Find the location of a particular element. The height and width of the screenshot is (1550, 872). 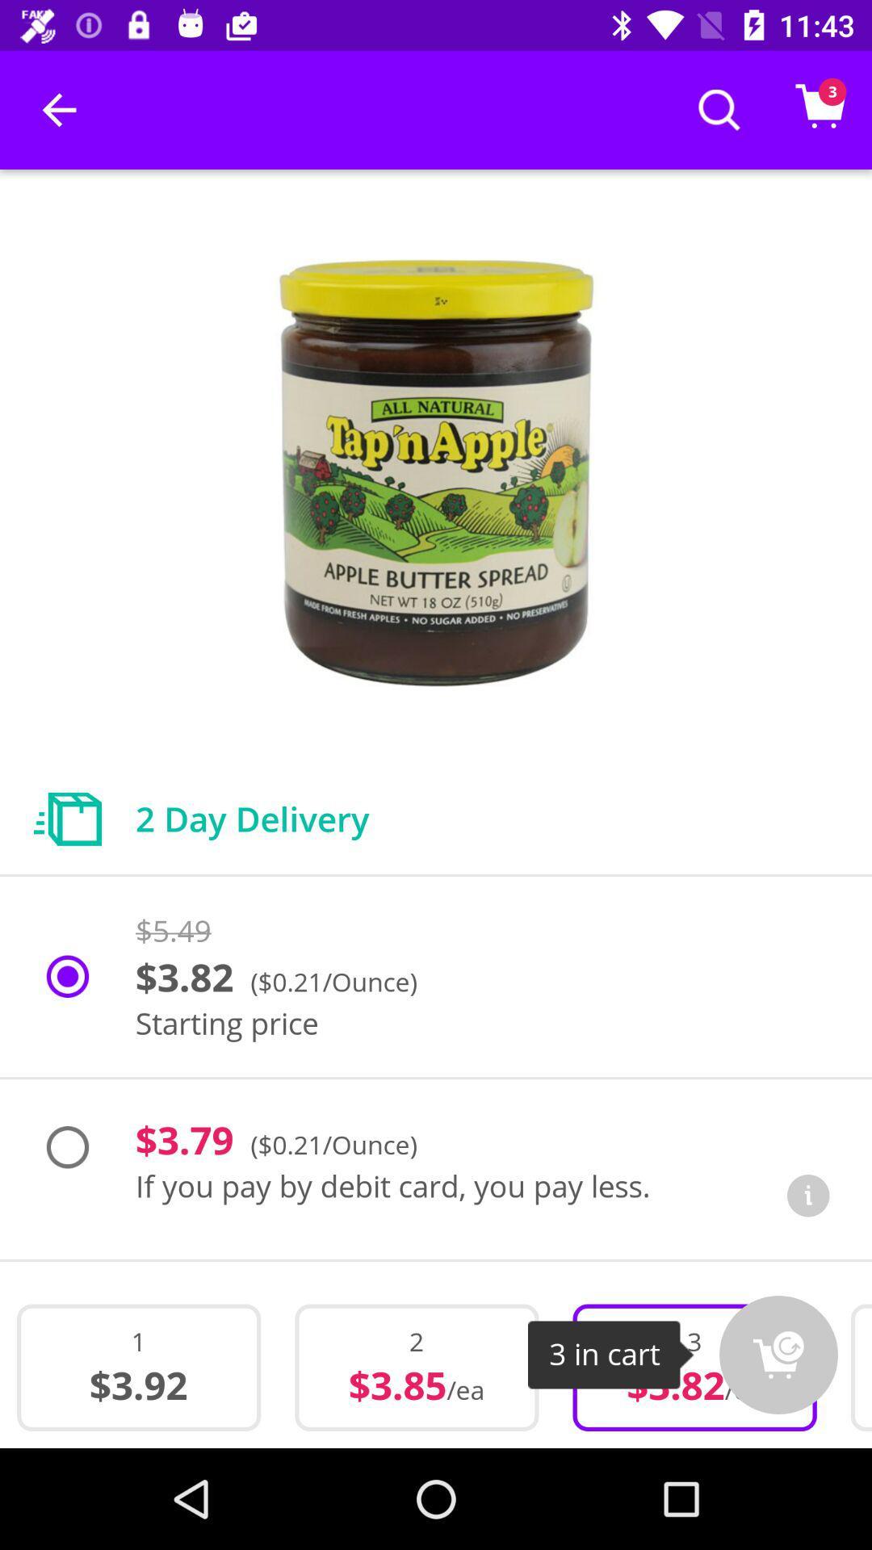

the info icon is located at coordinates (808, 1196).